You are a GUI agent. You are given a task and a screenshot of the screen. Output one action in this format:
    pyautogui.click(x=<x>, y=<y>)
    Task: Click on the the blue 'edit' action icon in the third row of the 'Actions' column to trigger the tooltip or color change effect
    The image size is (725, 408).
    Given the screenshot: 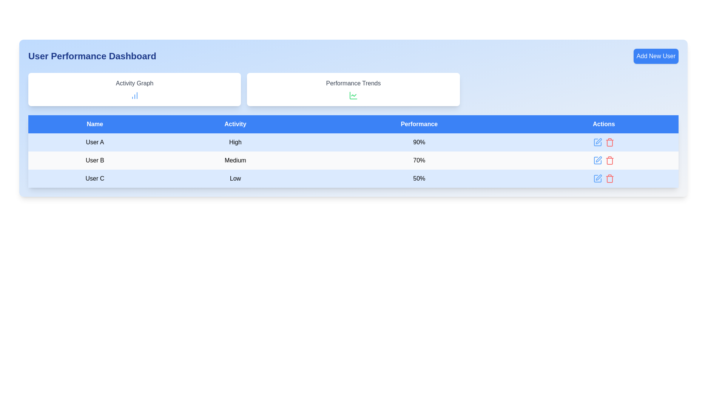 What is the action you would take?
    pyautogui.click(x=597, y=160)
    